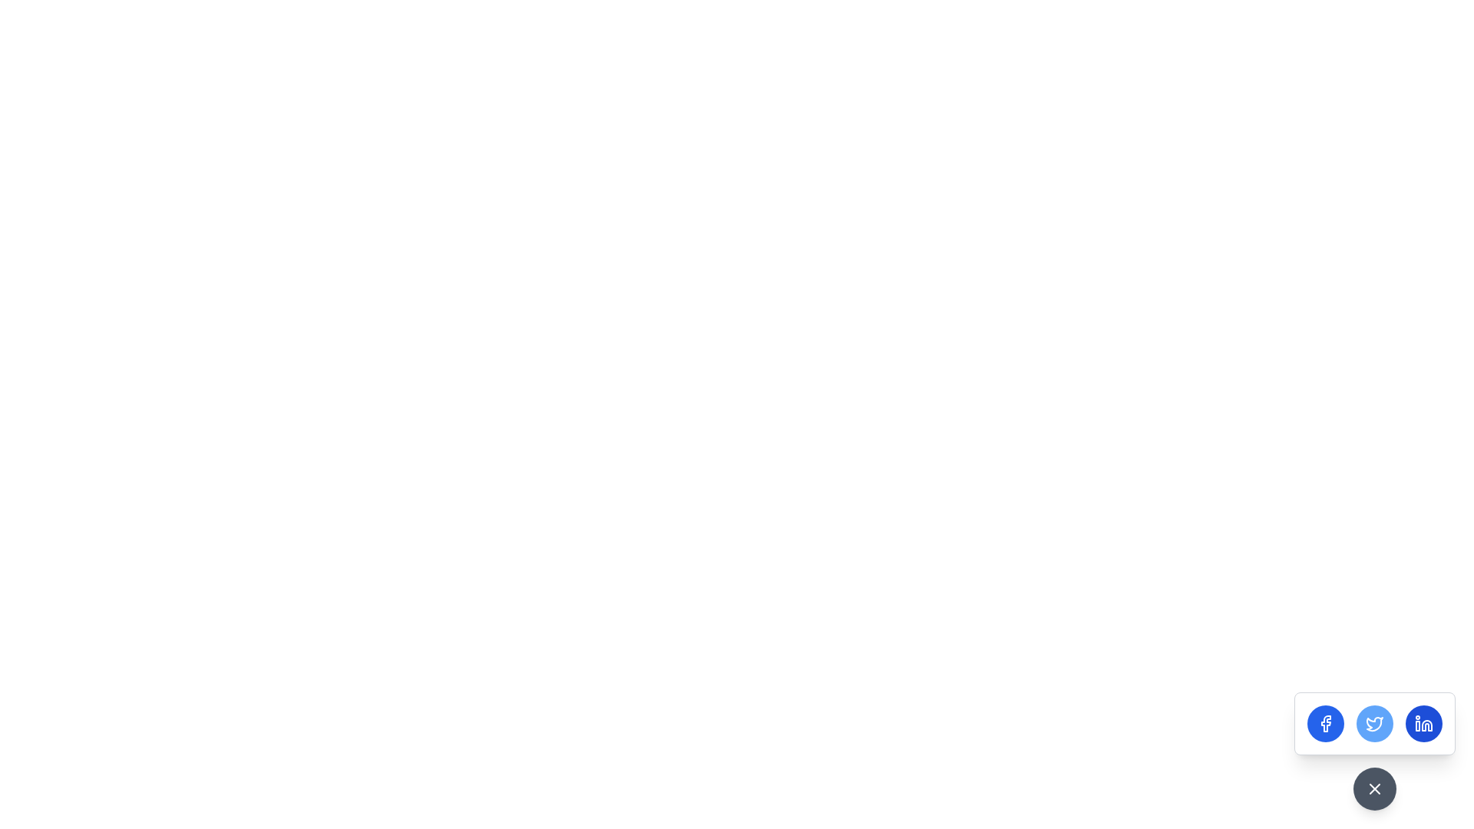 The image size is (1474, 829). I want to click on the decorative rectangle element of the LinkedIn logo, so click(1417, 725).